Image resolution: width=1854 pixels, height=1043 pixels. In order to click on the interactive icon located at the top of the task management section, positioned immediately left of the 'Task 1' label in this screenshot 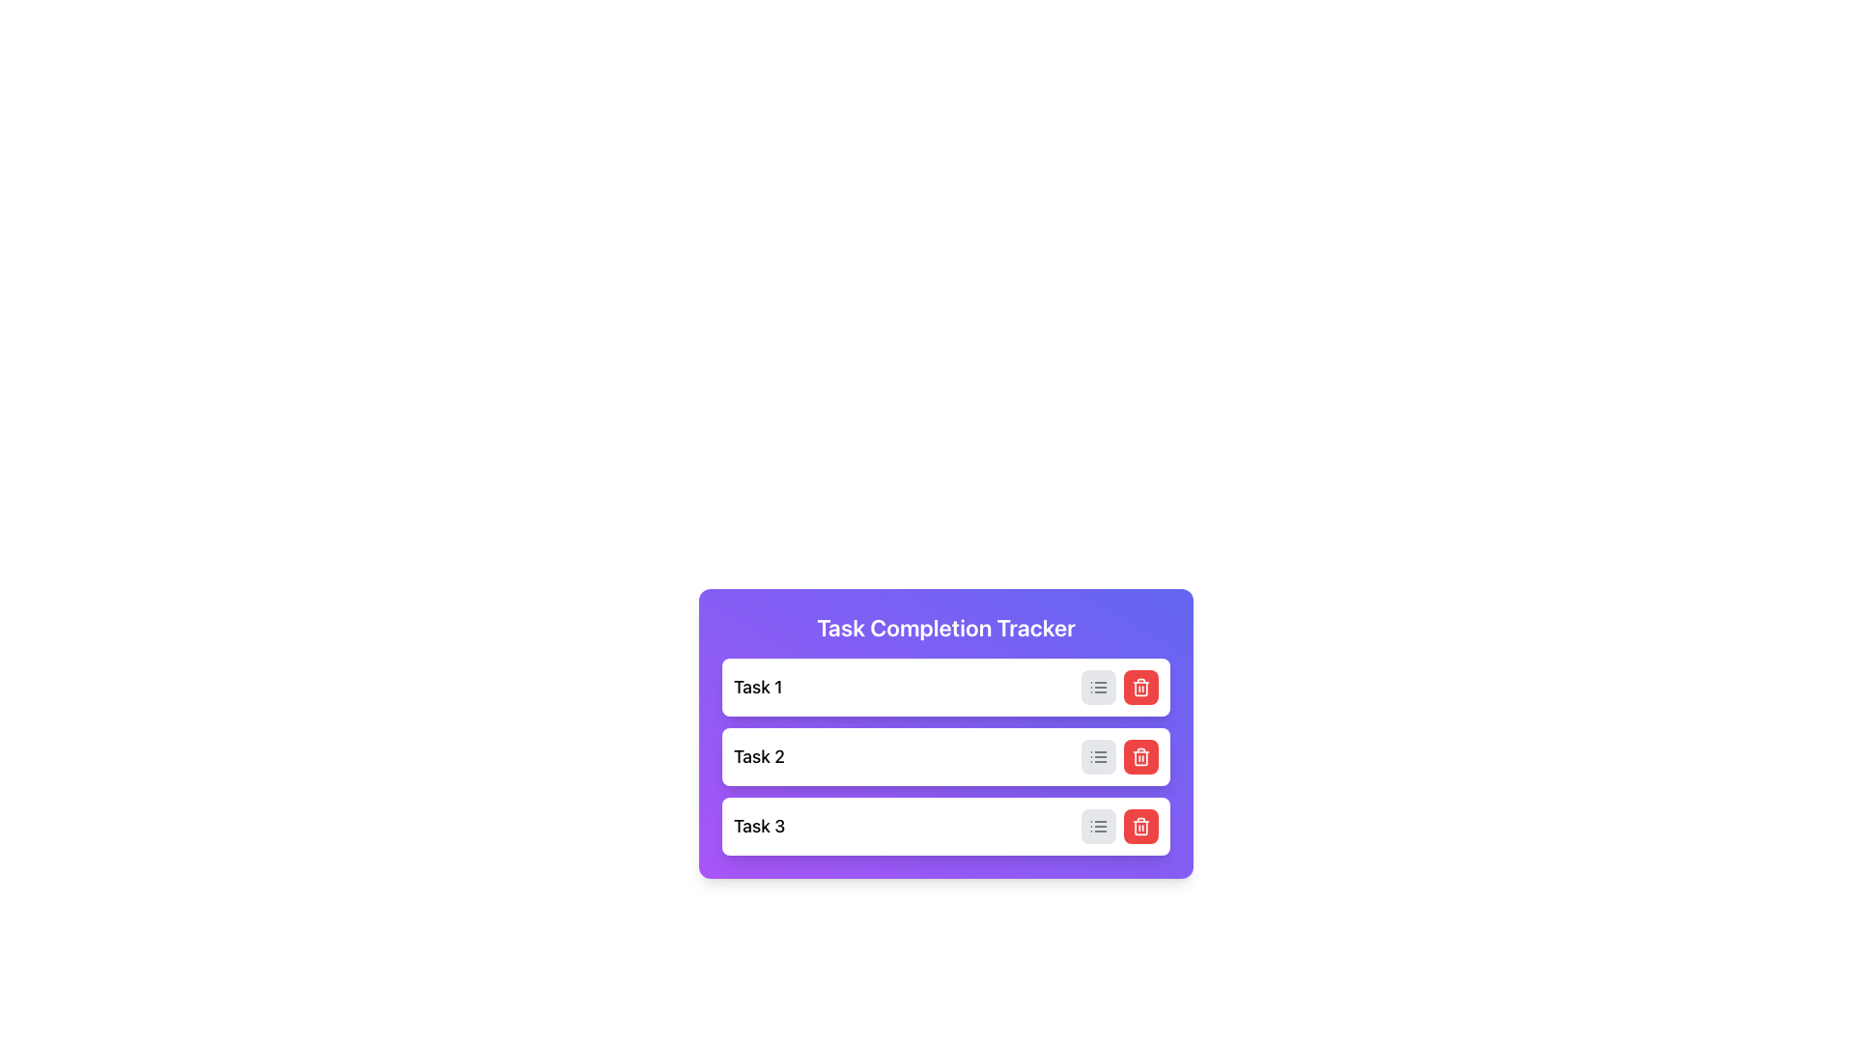, I will do `click(1098, 755)`.